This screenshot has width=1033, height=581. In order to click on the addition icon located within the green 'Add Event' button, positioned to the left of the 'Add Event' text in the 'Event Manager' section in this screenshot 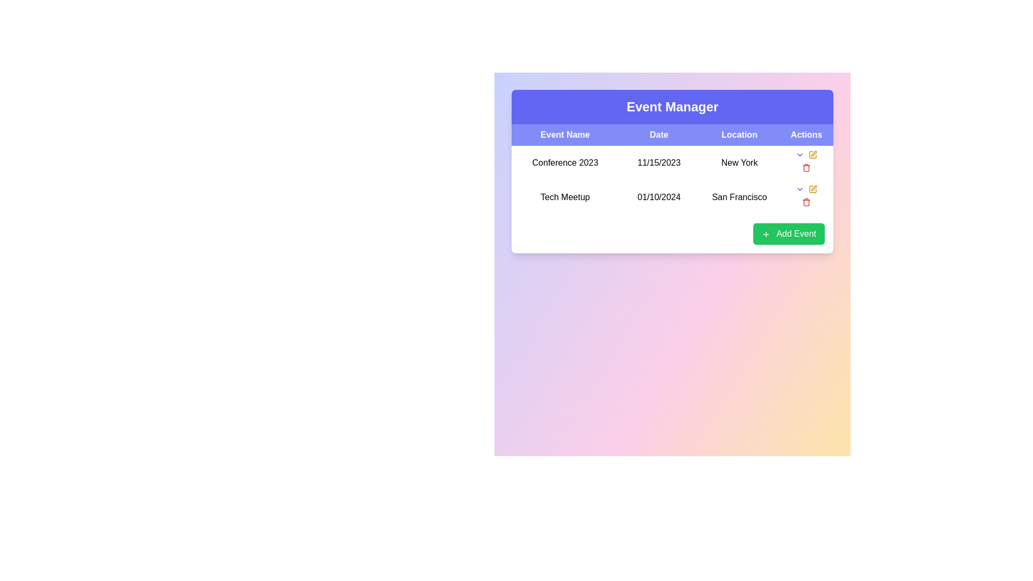, I will do `click(765, 233)`.